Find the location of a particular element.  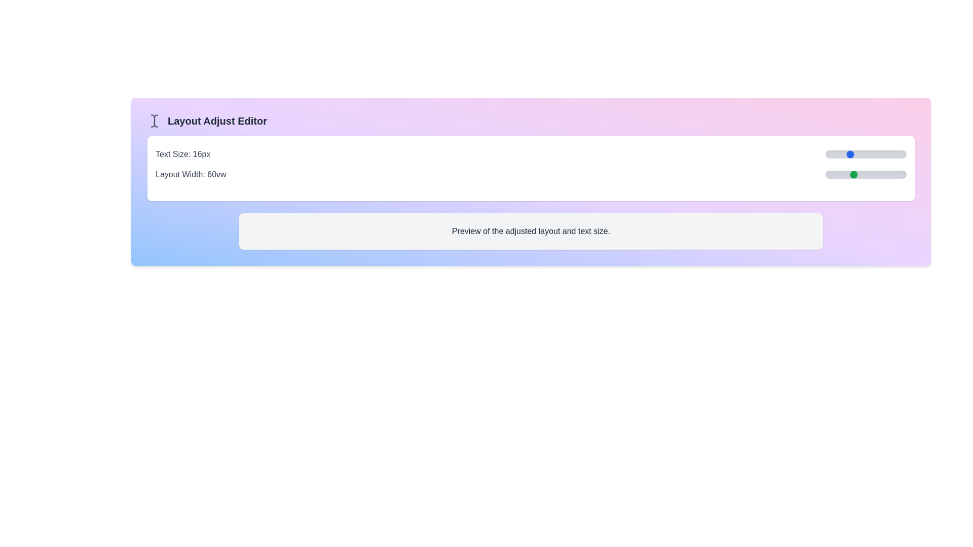

the slider is located at coordinates (867, 174).